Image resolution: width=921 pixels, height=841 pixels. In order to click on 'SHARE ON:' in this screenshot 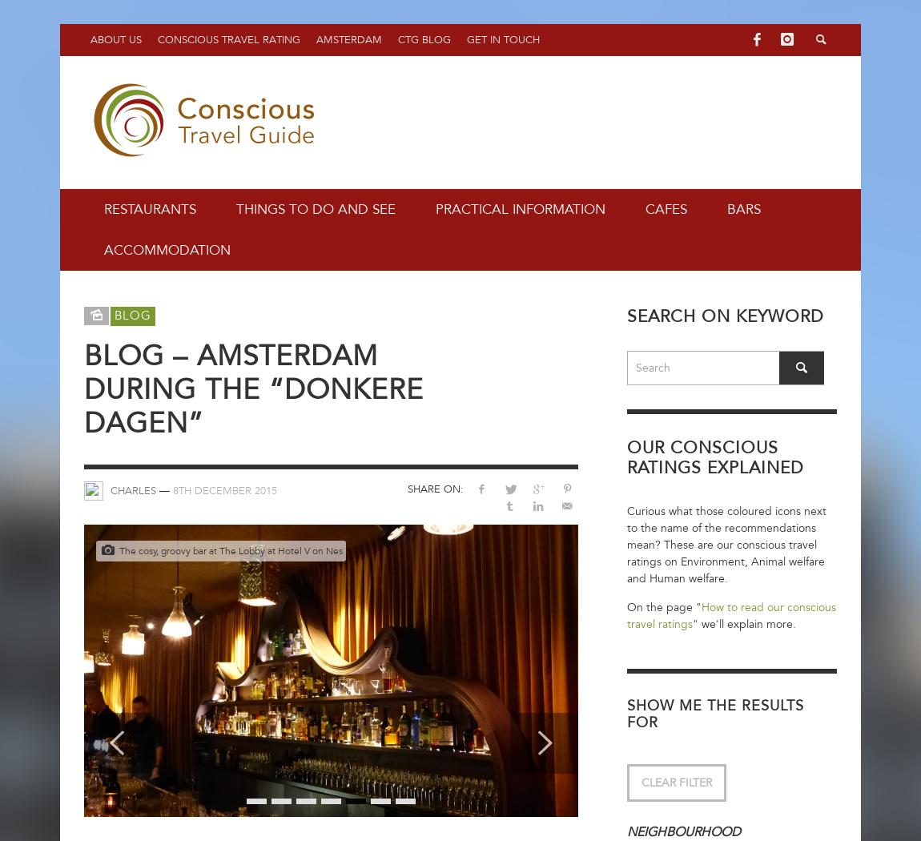, I will do `click(435, 489)`.